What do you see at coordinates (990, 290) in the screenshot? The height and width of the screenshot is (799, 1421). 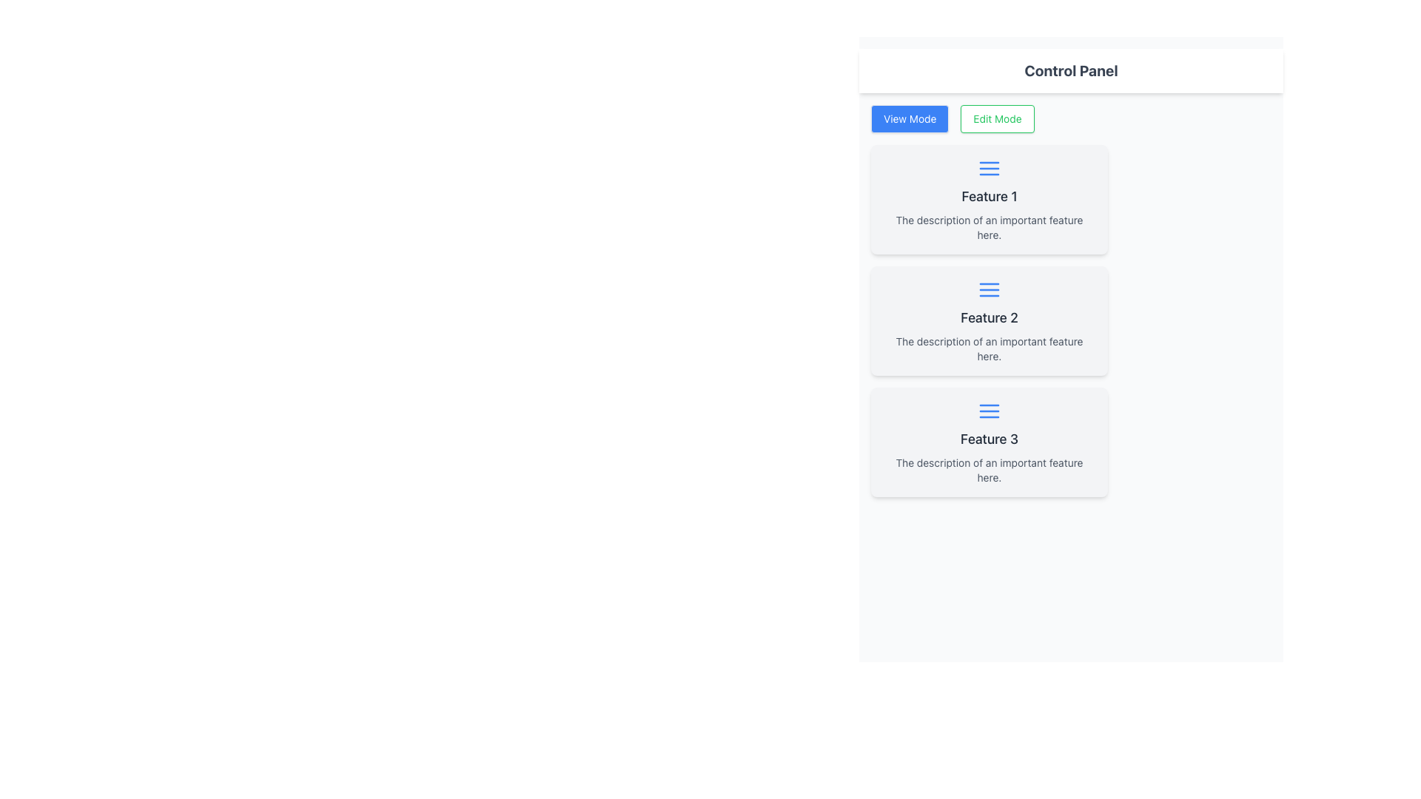 I see `the decorative icon located at the top center of the second card, above the 'Feature 2' text` at bounding box center [990, 290].